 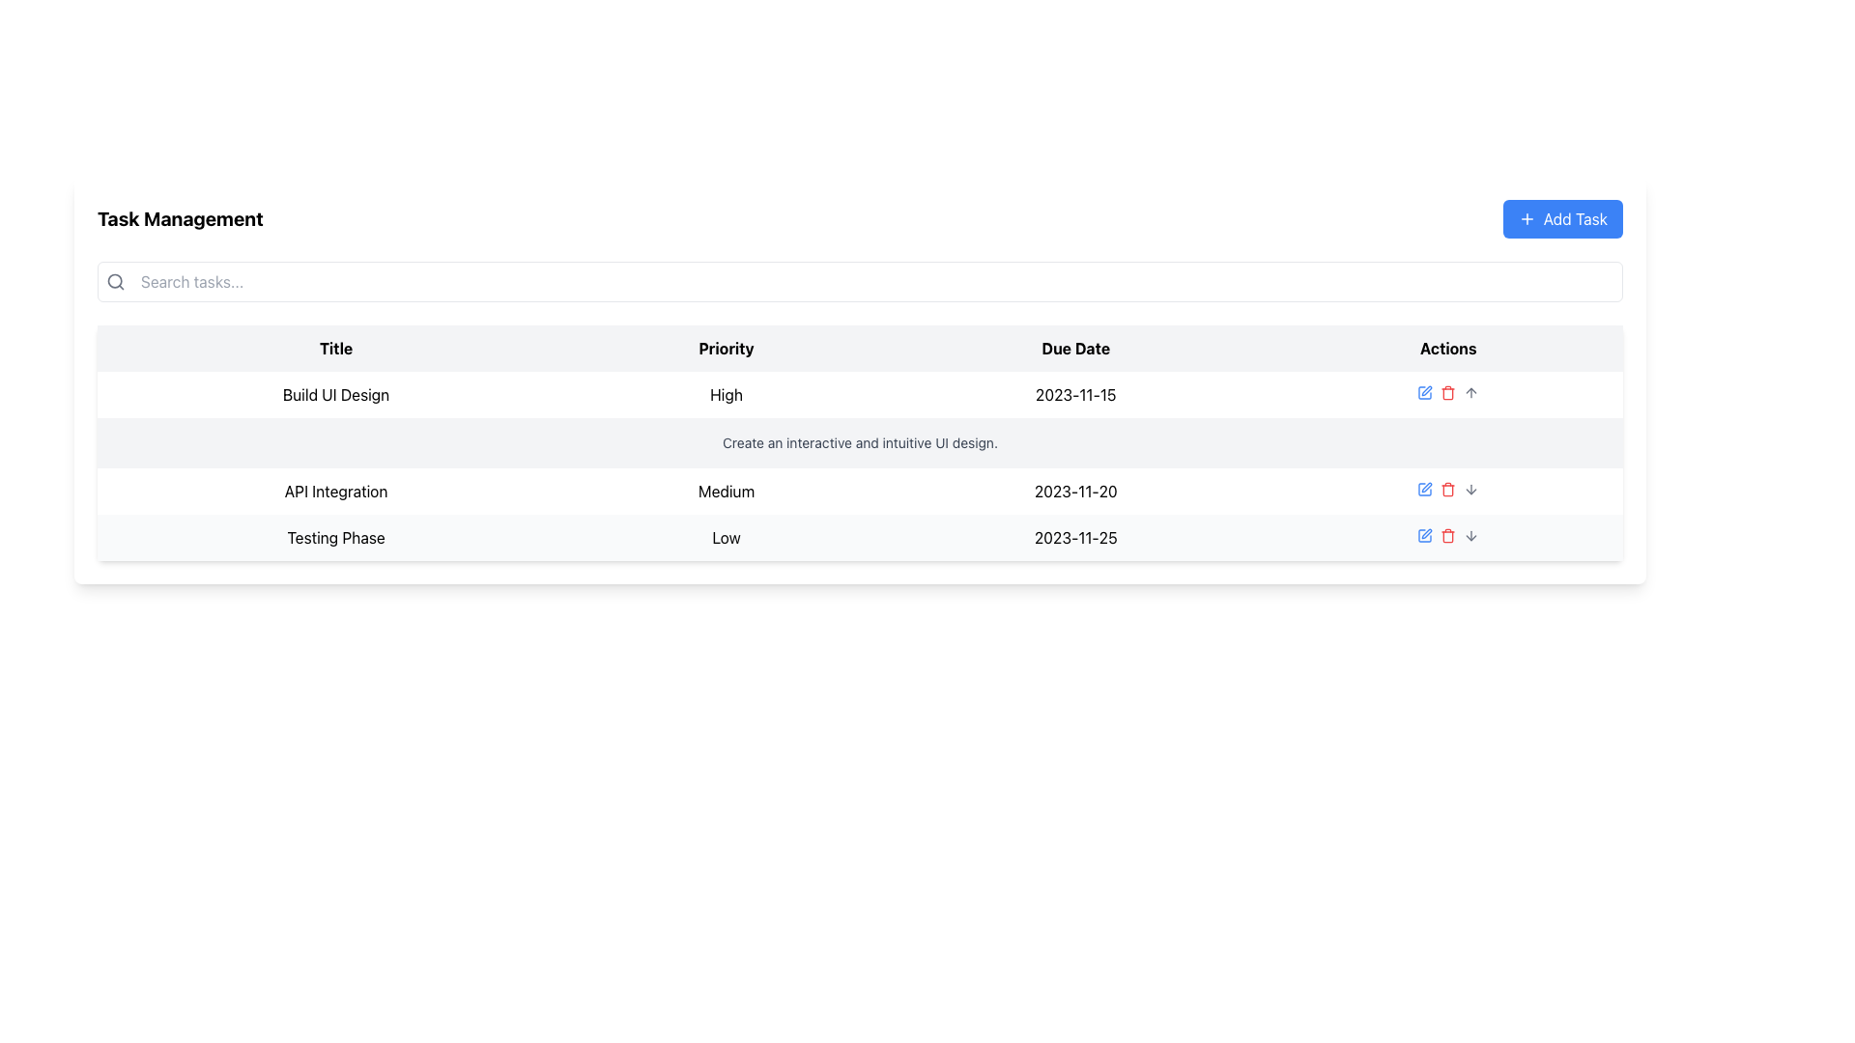 I want to click on the delete icon button, which is the third action button in the Actions column of the third row in the table, so click(x=1447, y=536).